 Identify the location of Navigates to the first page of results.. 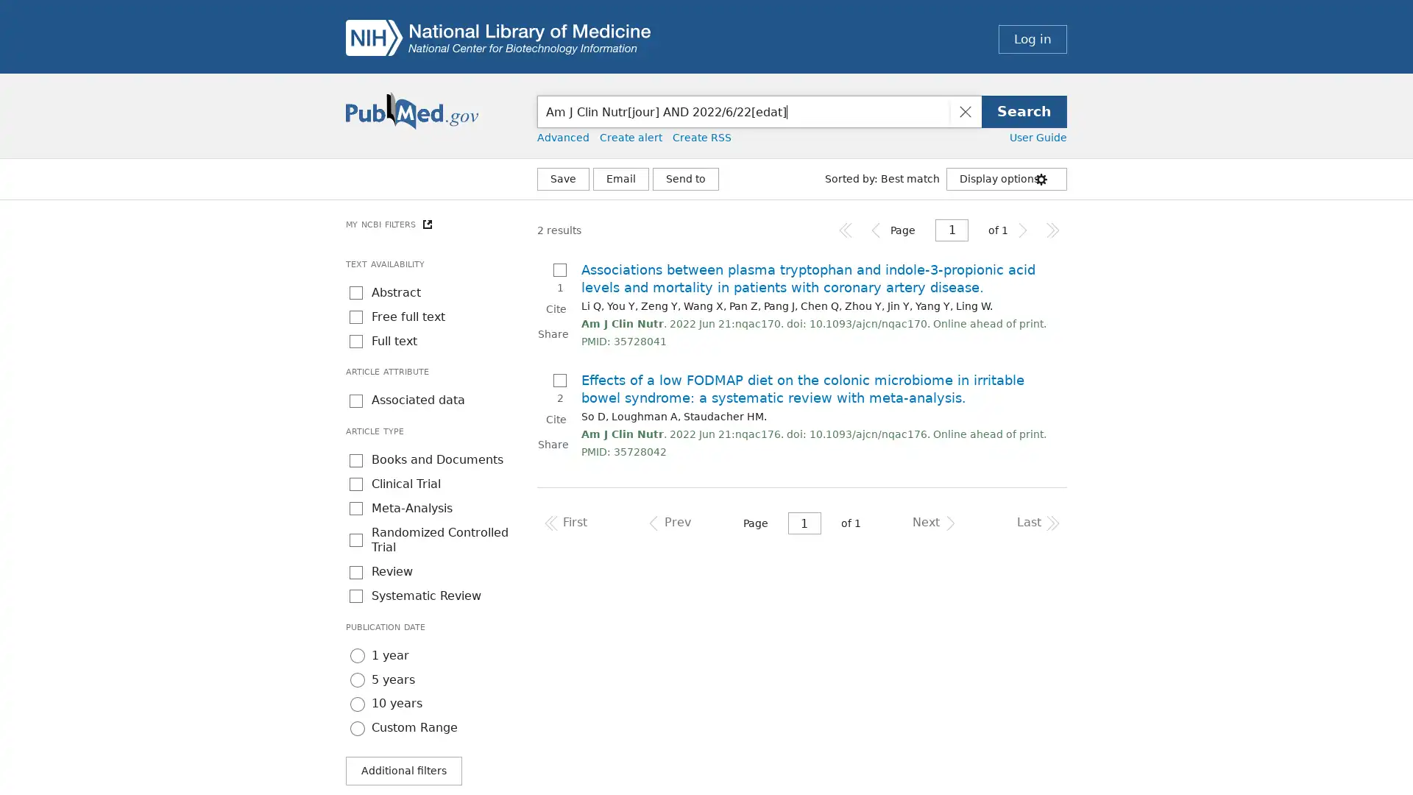
(567, 522).